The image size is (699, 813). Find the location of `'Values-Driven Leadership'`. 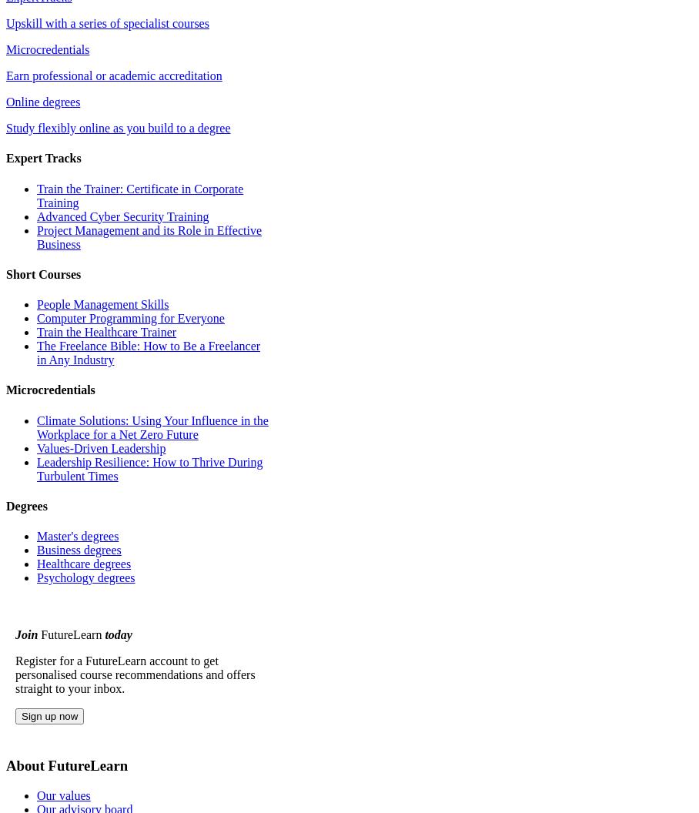

'Values-Driven Leadership' is located at coordinates (101, 447).